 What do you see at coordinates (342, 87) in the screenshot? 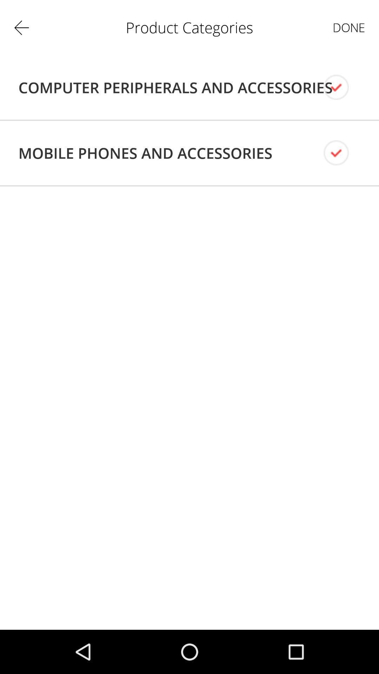
I see `menu inside` at bounding box center [342, 87].